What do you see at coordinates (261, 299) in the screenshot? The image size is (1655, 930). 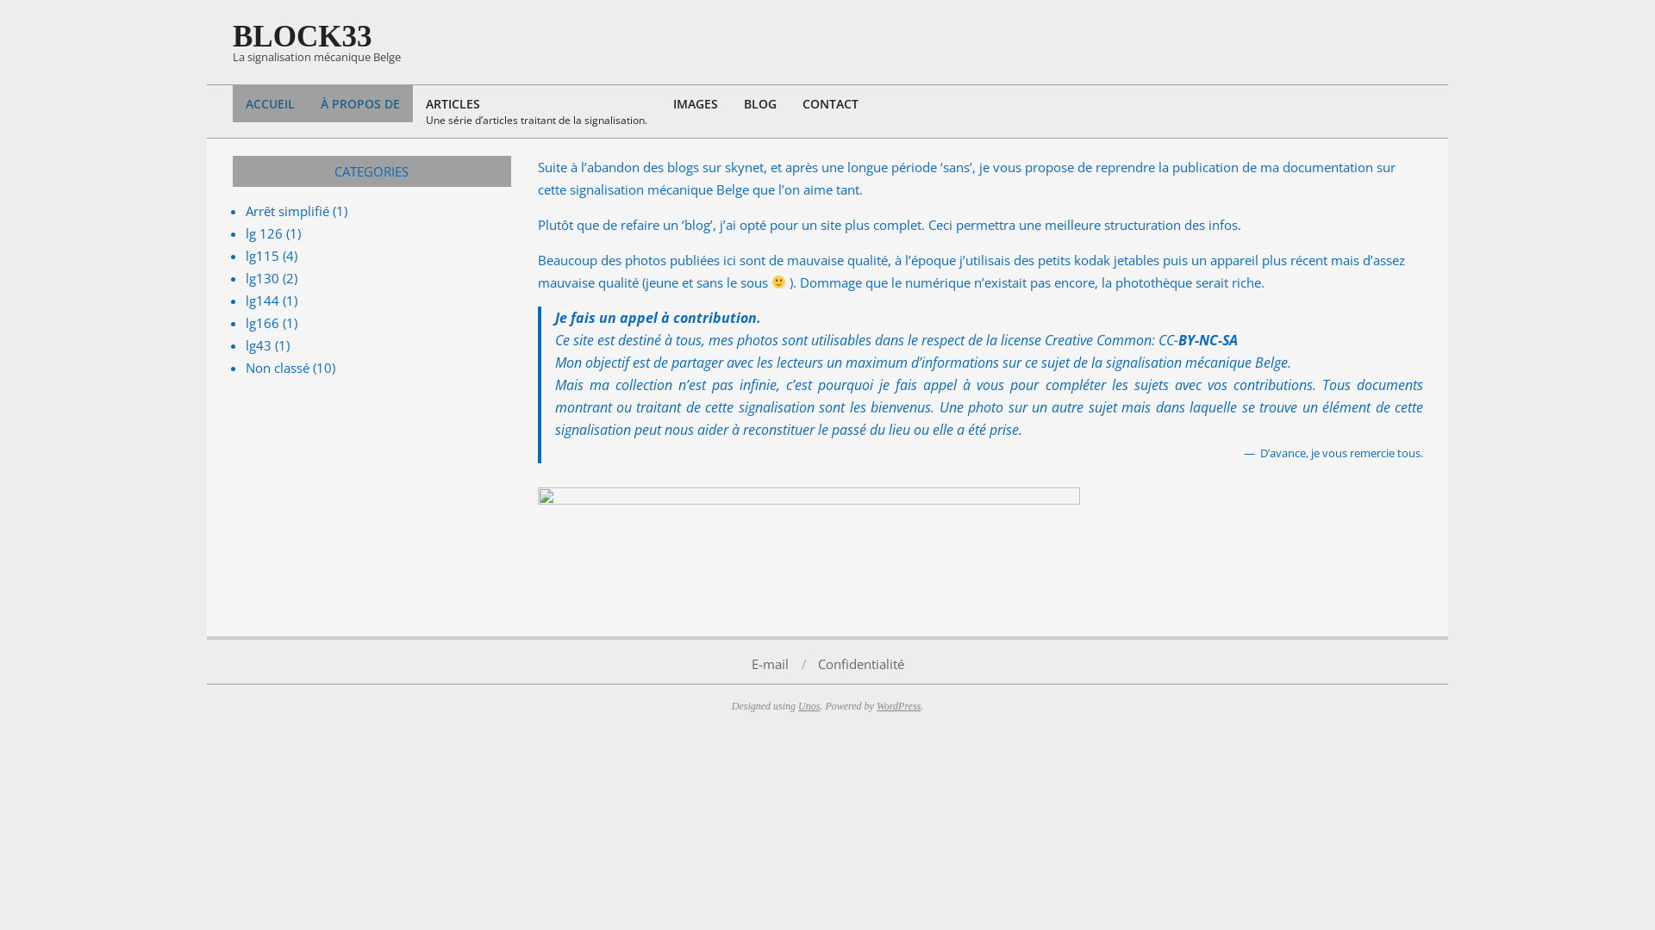 I see `'lg144'` at bounding box center [261, 299].